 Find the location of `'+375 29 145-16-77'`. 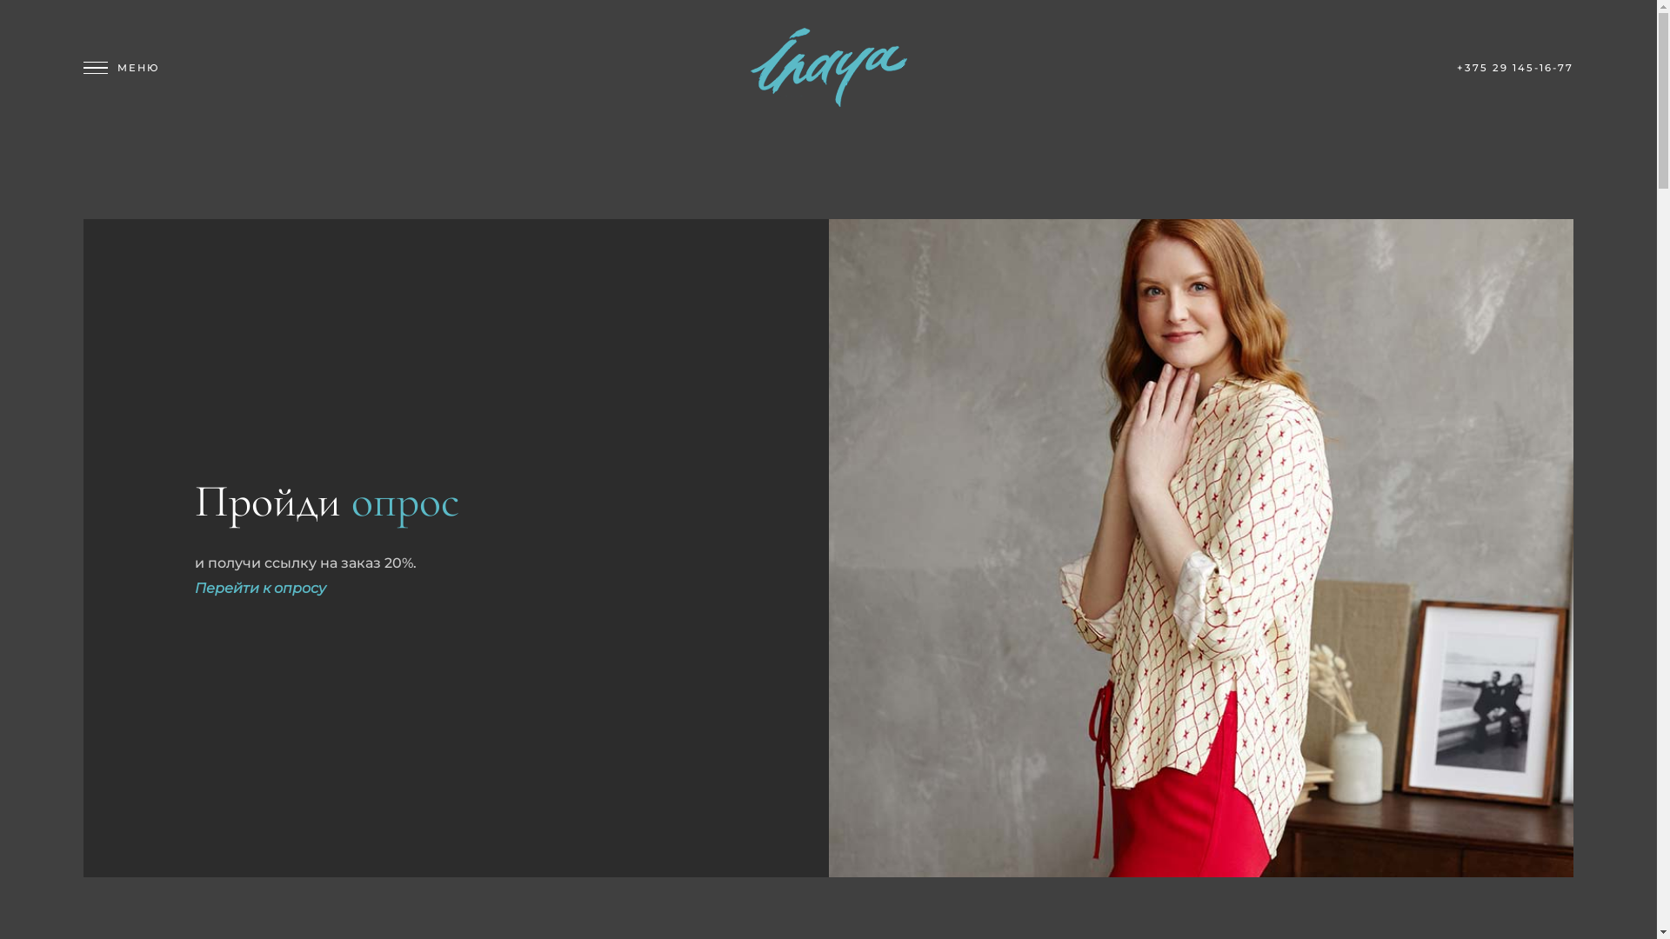

'+375 29 145-16-77' is located at coordinates (1514, 66).